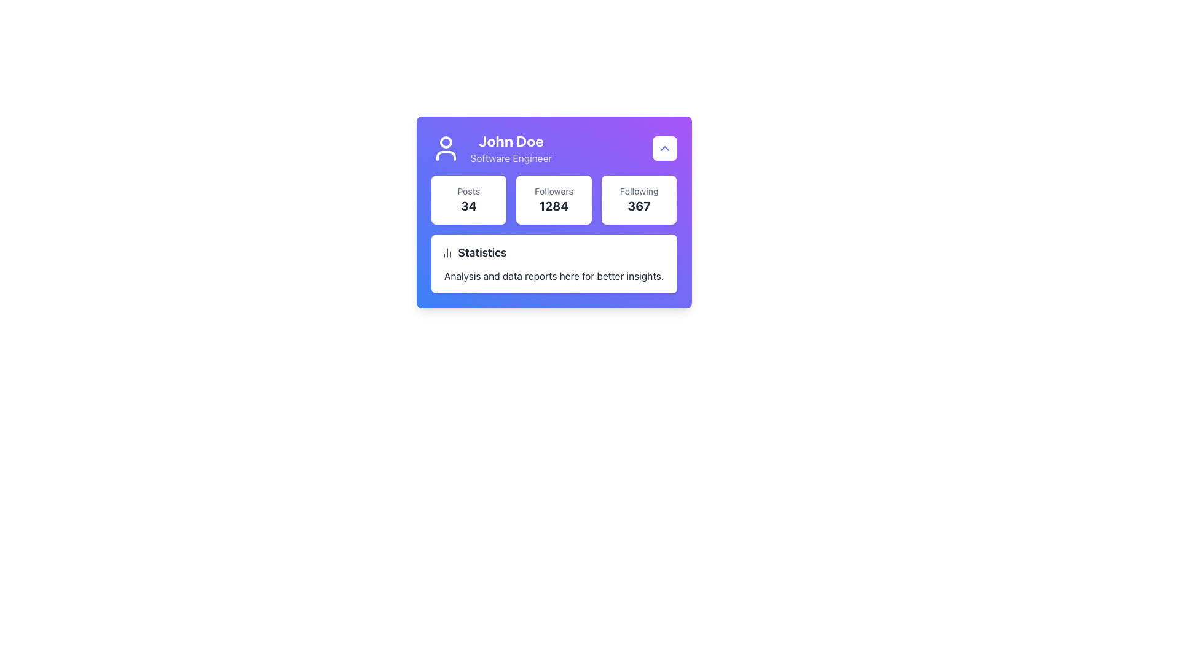 The height and width of the screenshot is (663, 1180). Describe the element at coordinates (639, 205) in the screenshot. I see `number displayed in the text that represents the number of accounts the user is following, located in the top-right section of the UI card, below the word 'Following'` at that location.